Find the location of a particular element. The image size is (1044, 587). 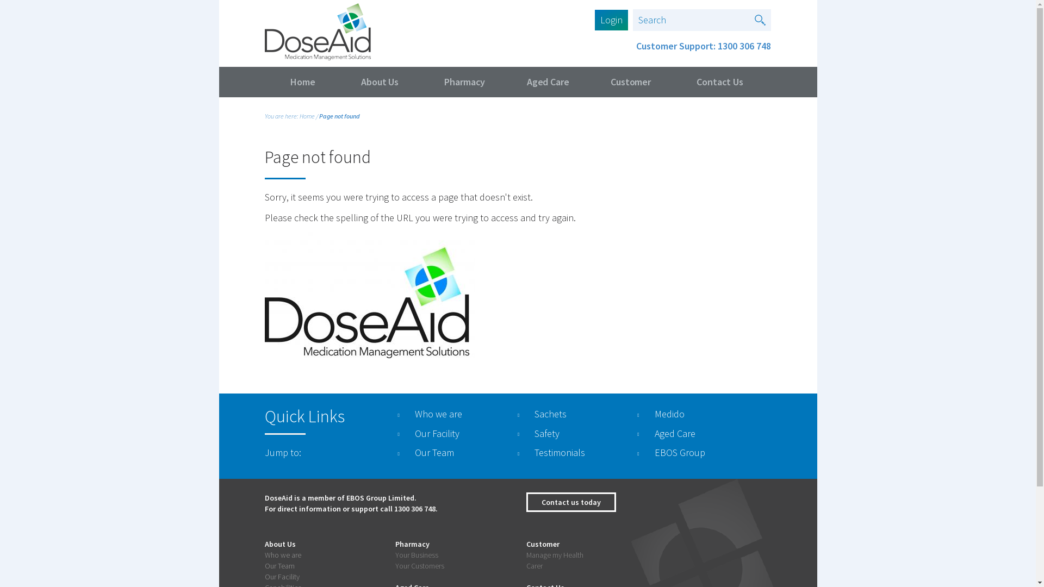

'Our Team' is located at coordinates (279, 565).